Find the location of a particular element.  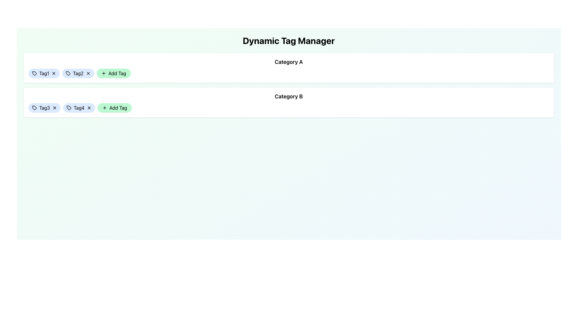

the second tag labeled under 'Category A' which is positioned between 'Tag1' and a close action icon to interact with it is located at coordinates (78, 73).